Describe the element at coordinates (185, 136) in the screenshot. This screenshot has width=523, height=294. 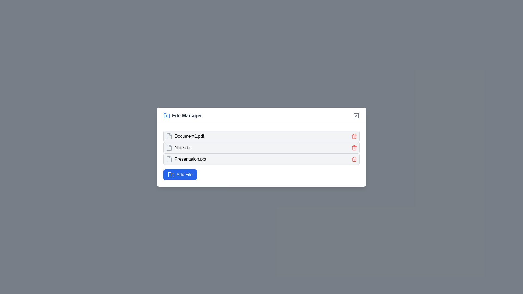
I see `the list item labeled 'Document1.pdf' with a file icon` at that location.